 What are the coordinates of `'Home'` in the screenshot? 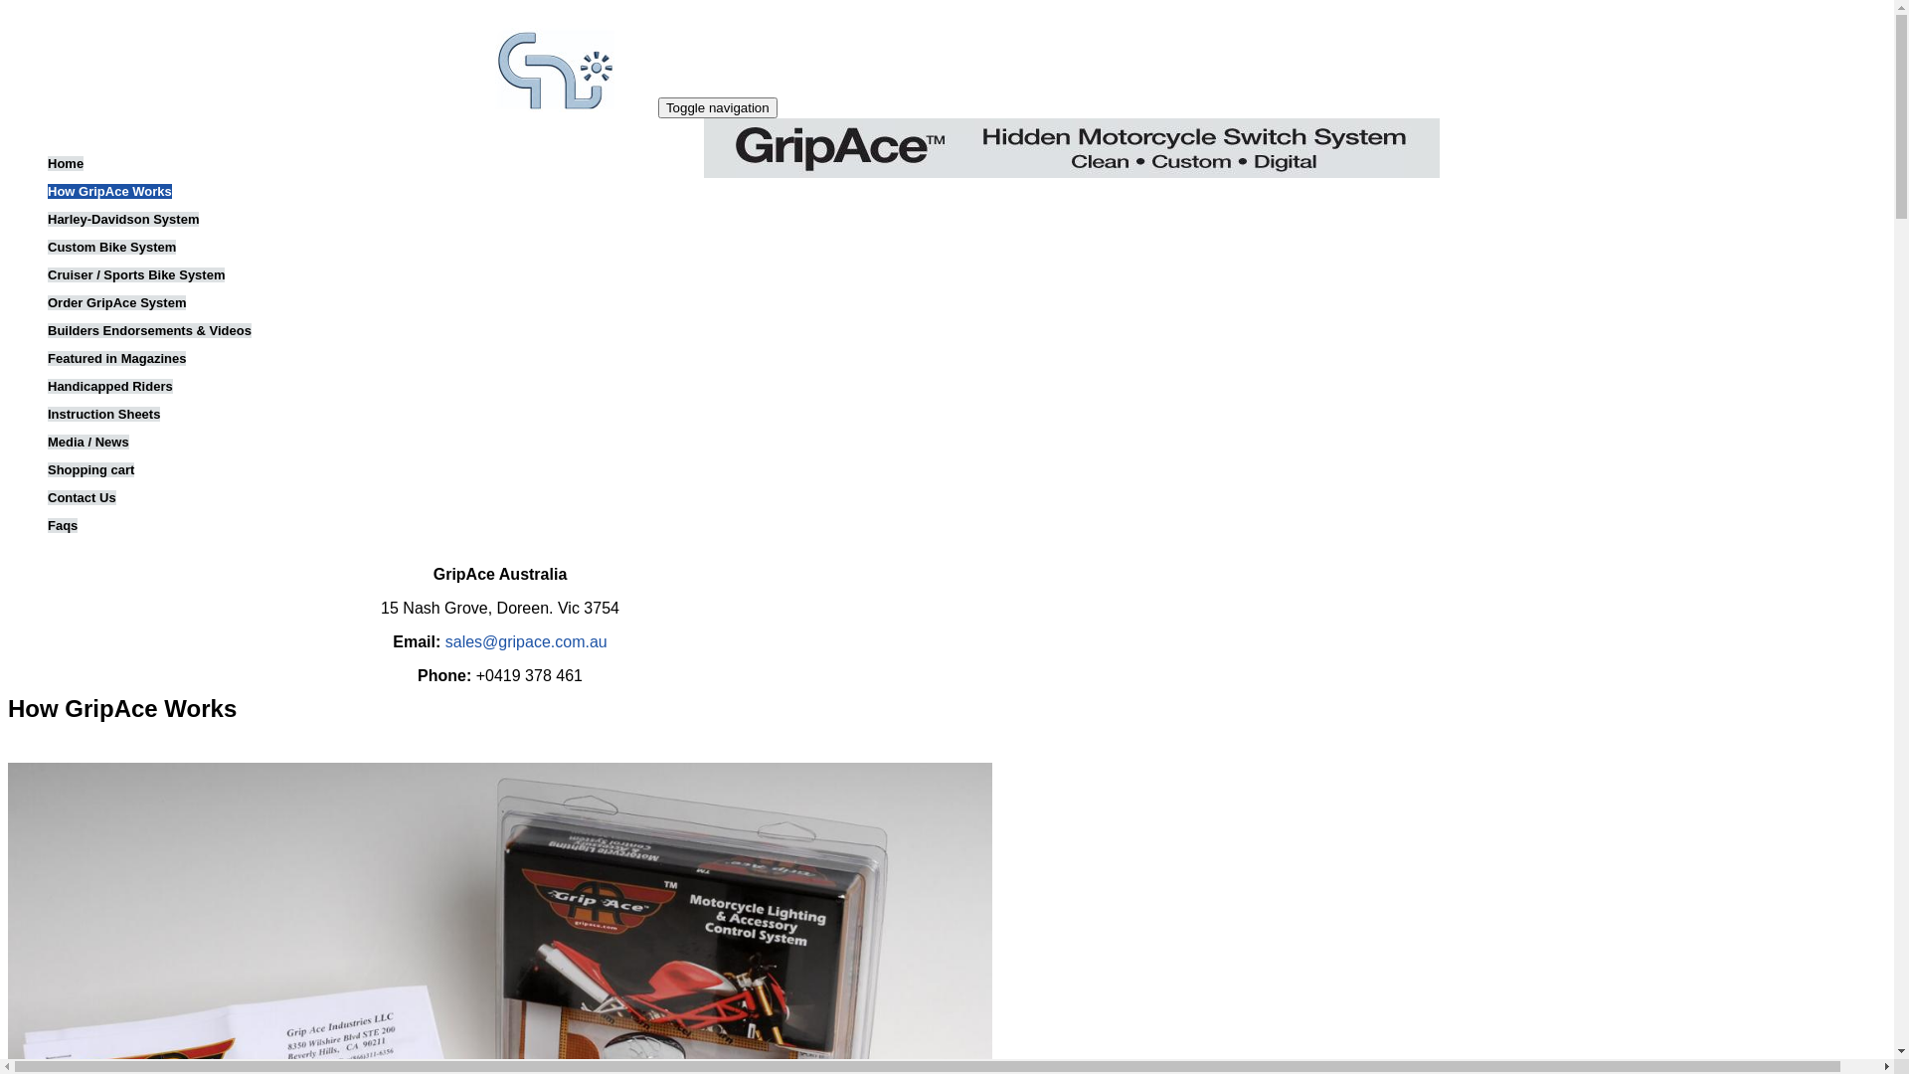 It's located at (453, 106).